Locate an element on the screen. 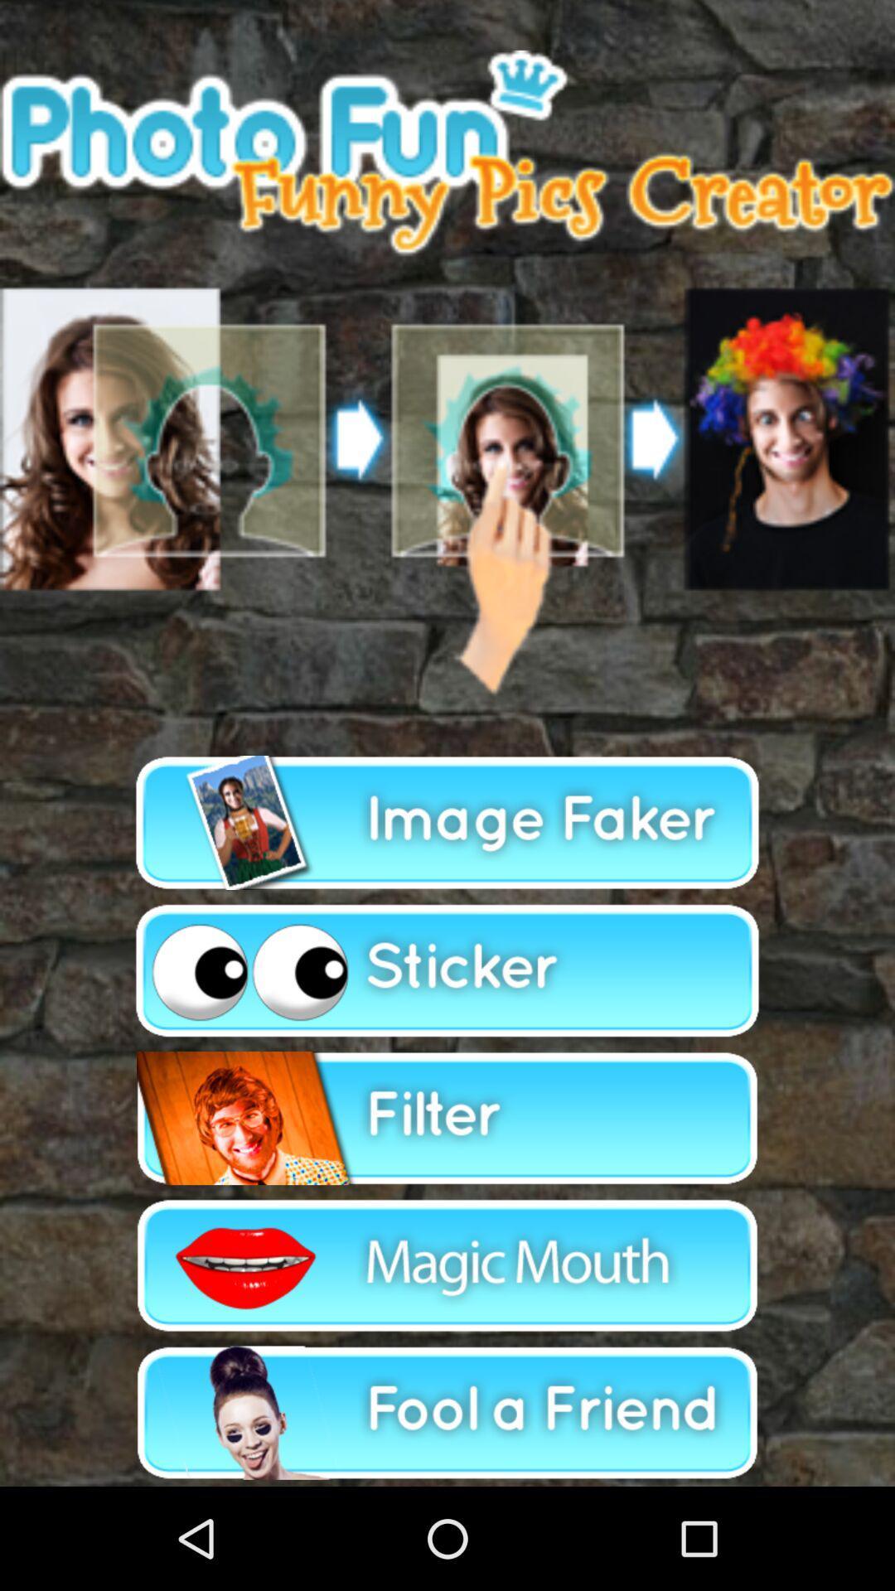  sticker page is located at coordinates (447, 970).